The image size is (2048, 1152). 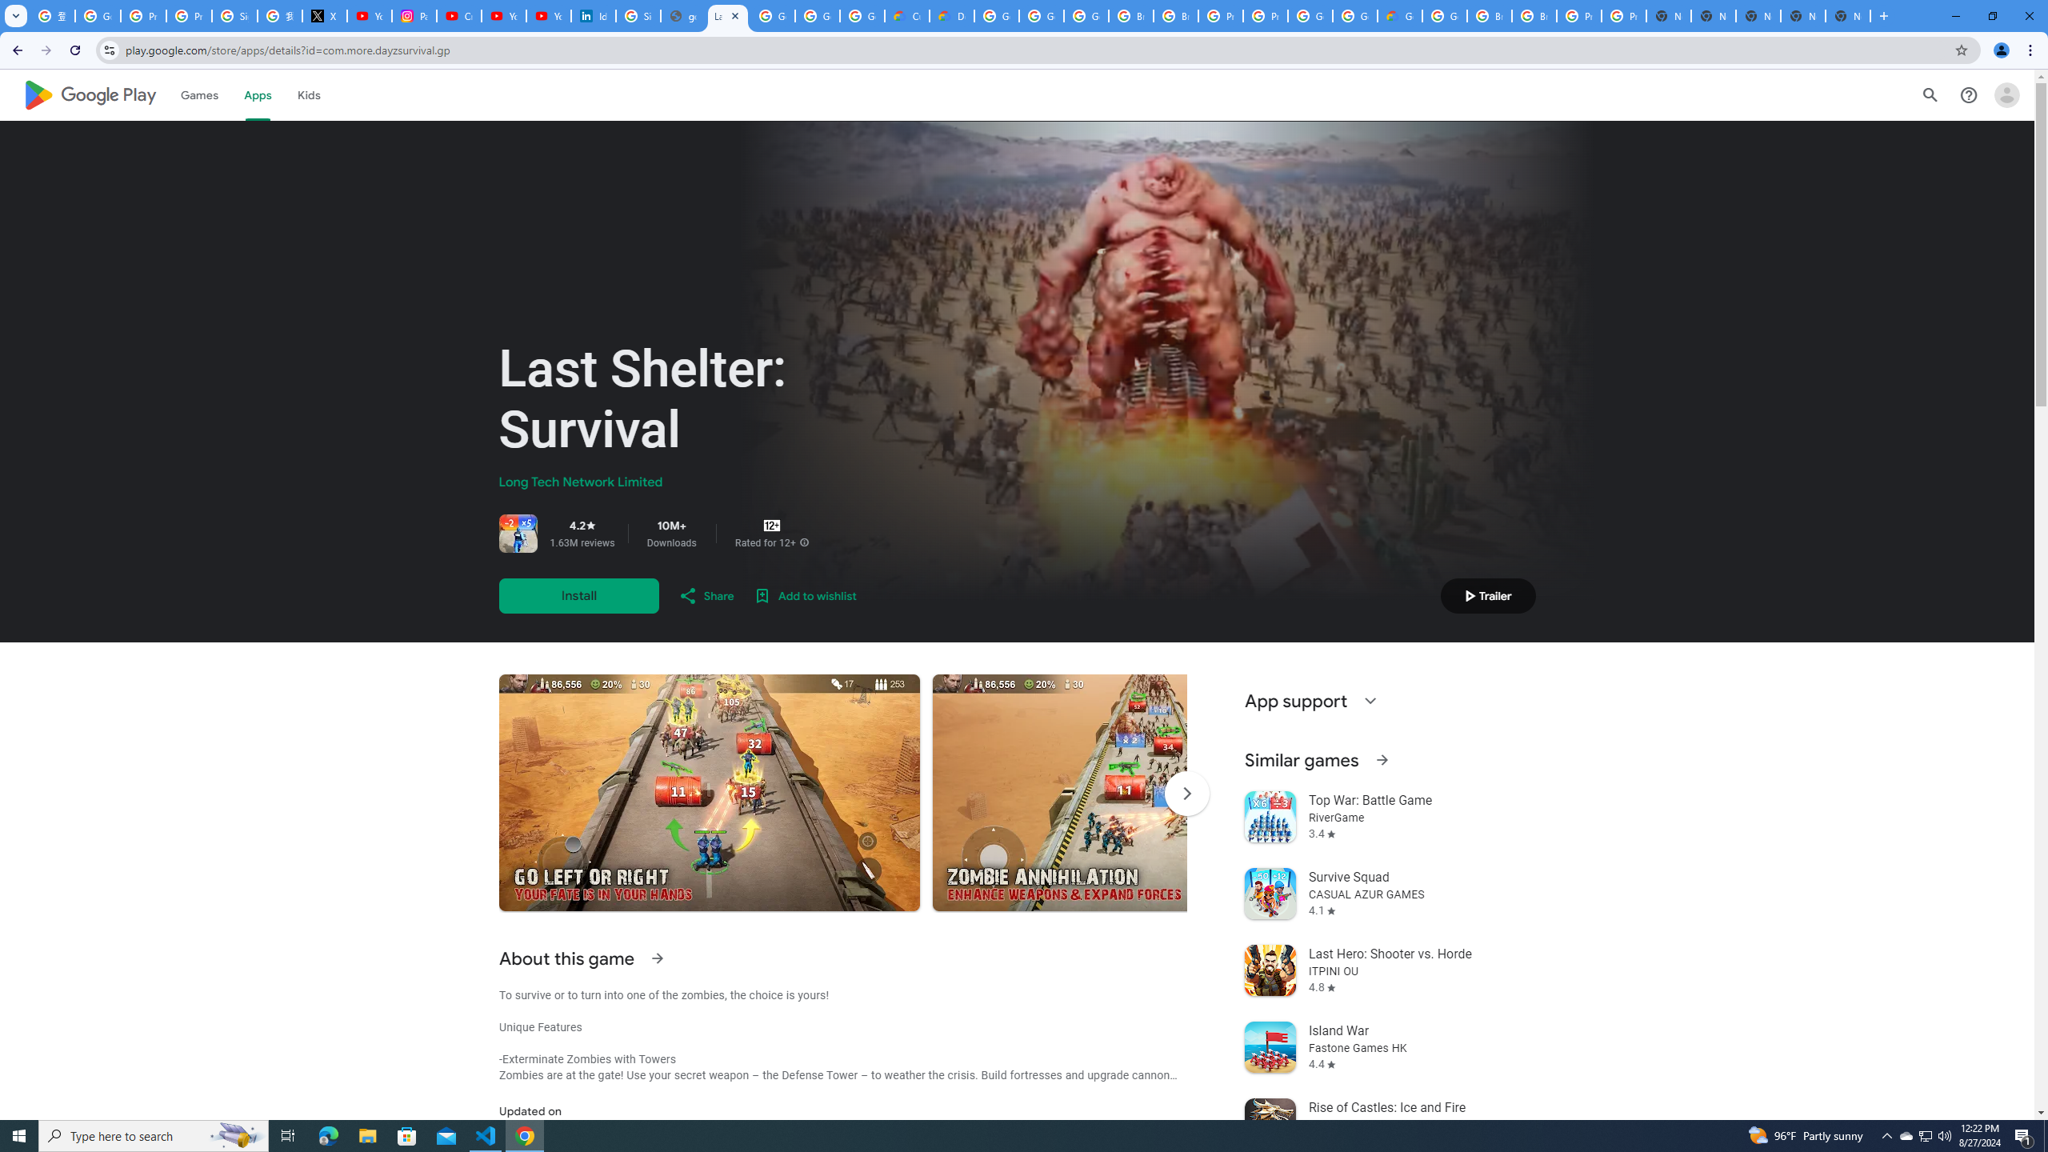 I want to click on 'Open account menu', so click(x=2006, y=94).